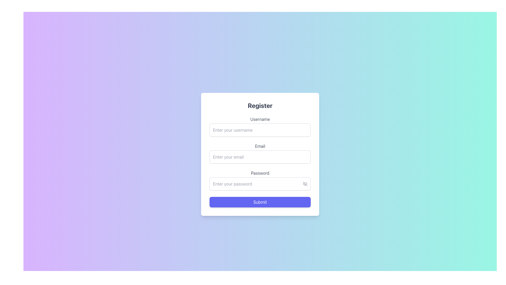 The width and height of the screenshot is (506, 285). Describe the element at coordinates (260, 119) in the screenshot. I see `the 'Username' label, which is styled in gray color and positioned above the username input field in the registration form` at that location.